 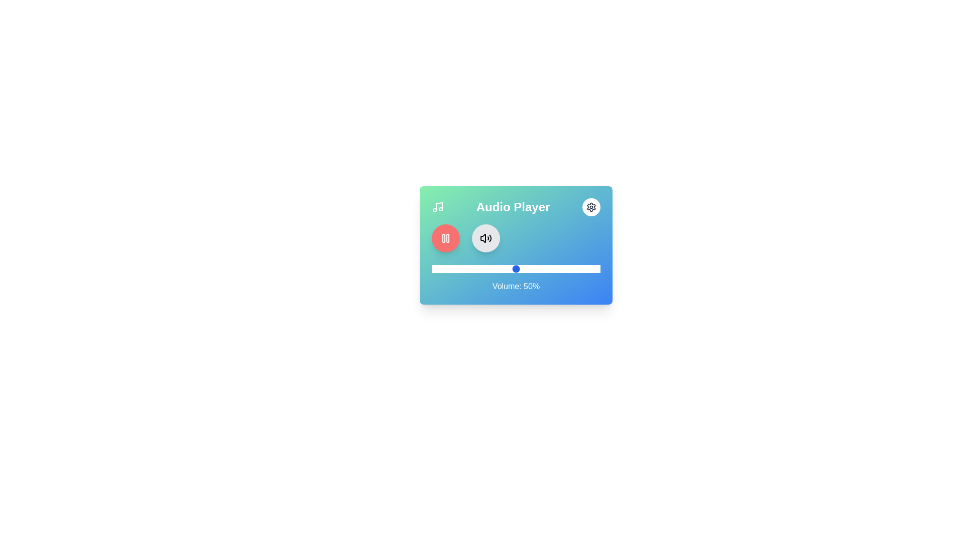 What do you see at coordinates (445, 238) in the screenshot?
I see `the pause icon button, which is represented by two parallel vertical rectangles inside a red circular button` at bounding box center [445, 238].